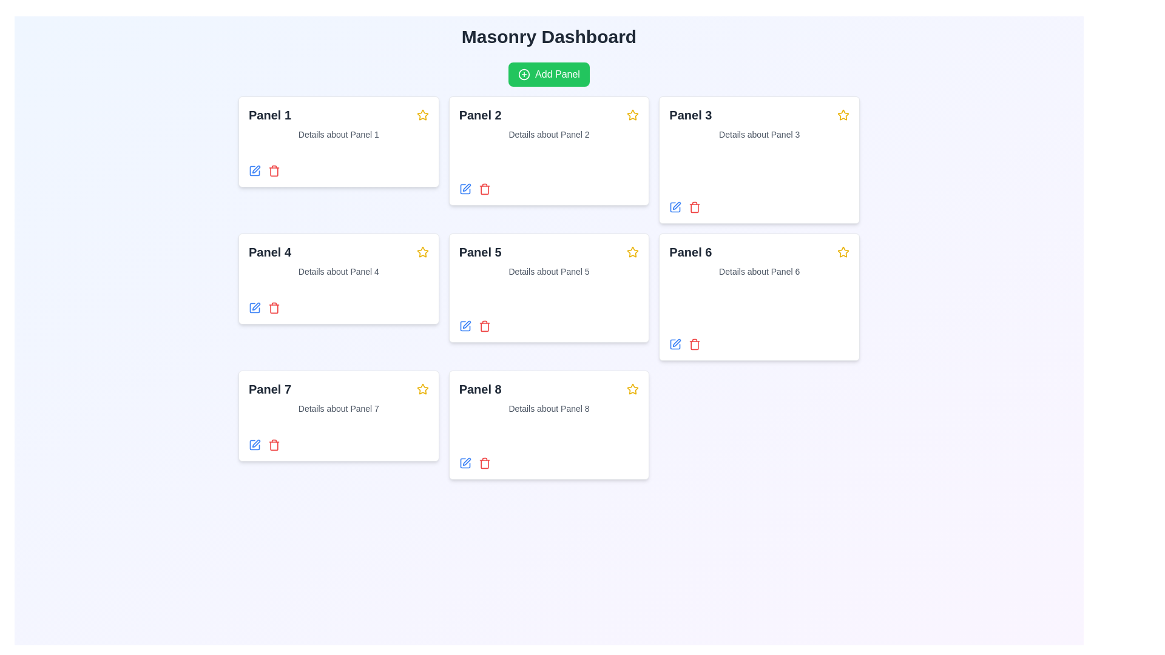 Image resolution: width=1165 pixels, height=655 pixels. What do you see at coordinates (632, 115) in the screenshot?
I see `the star-shaped icon outlined in yellow located near the top-right corner of the card labeled 'Panel 6'` at bounding box center [632, 115].